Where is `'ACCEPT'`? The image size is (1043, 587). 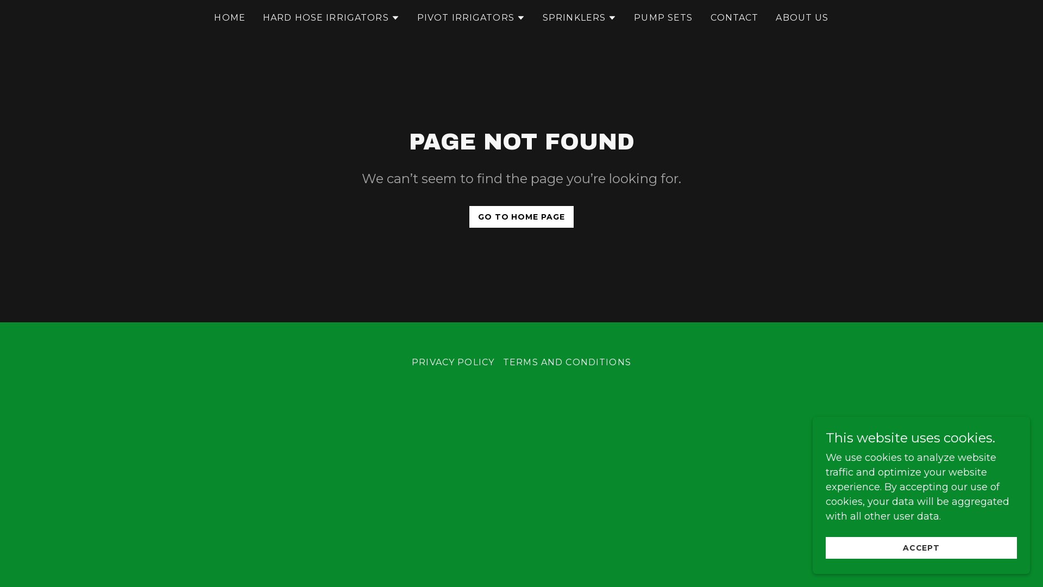
'ACCEPT' is located at coordinates (920, 547).